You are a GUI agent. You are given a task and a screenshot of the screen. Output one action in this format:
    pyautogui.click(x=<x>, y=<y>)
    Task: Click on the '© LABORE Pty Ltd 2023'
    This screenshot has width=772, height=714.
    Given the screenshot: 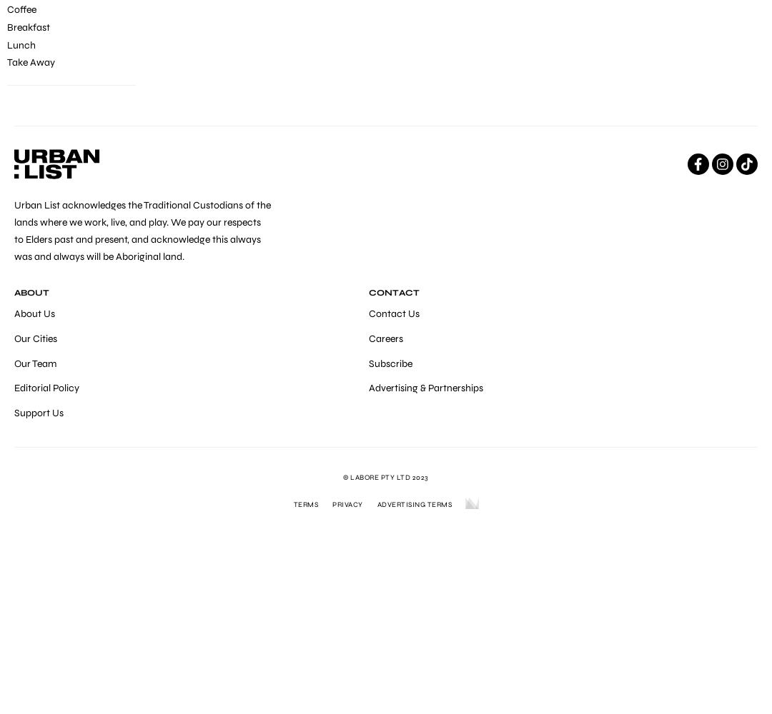 What is the action you would take?
    pyautogui.click(x=385, y=477)
    